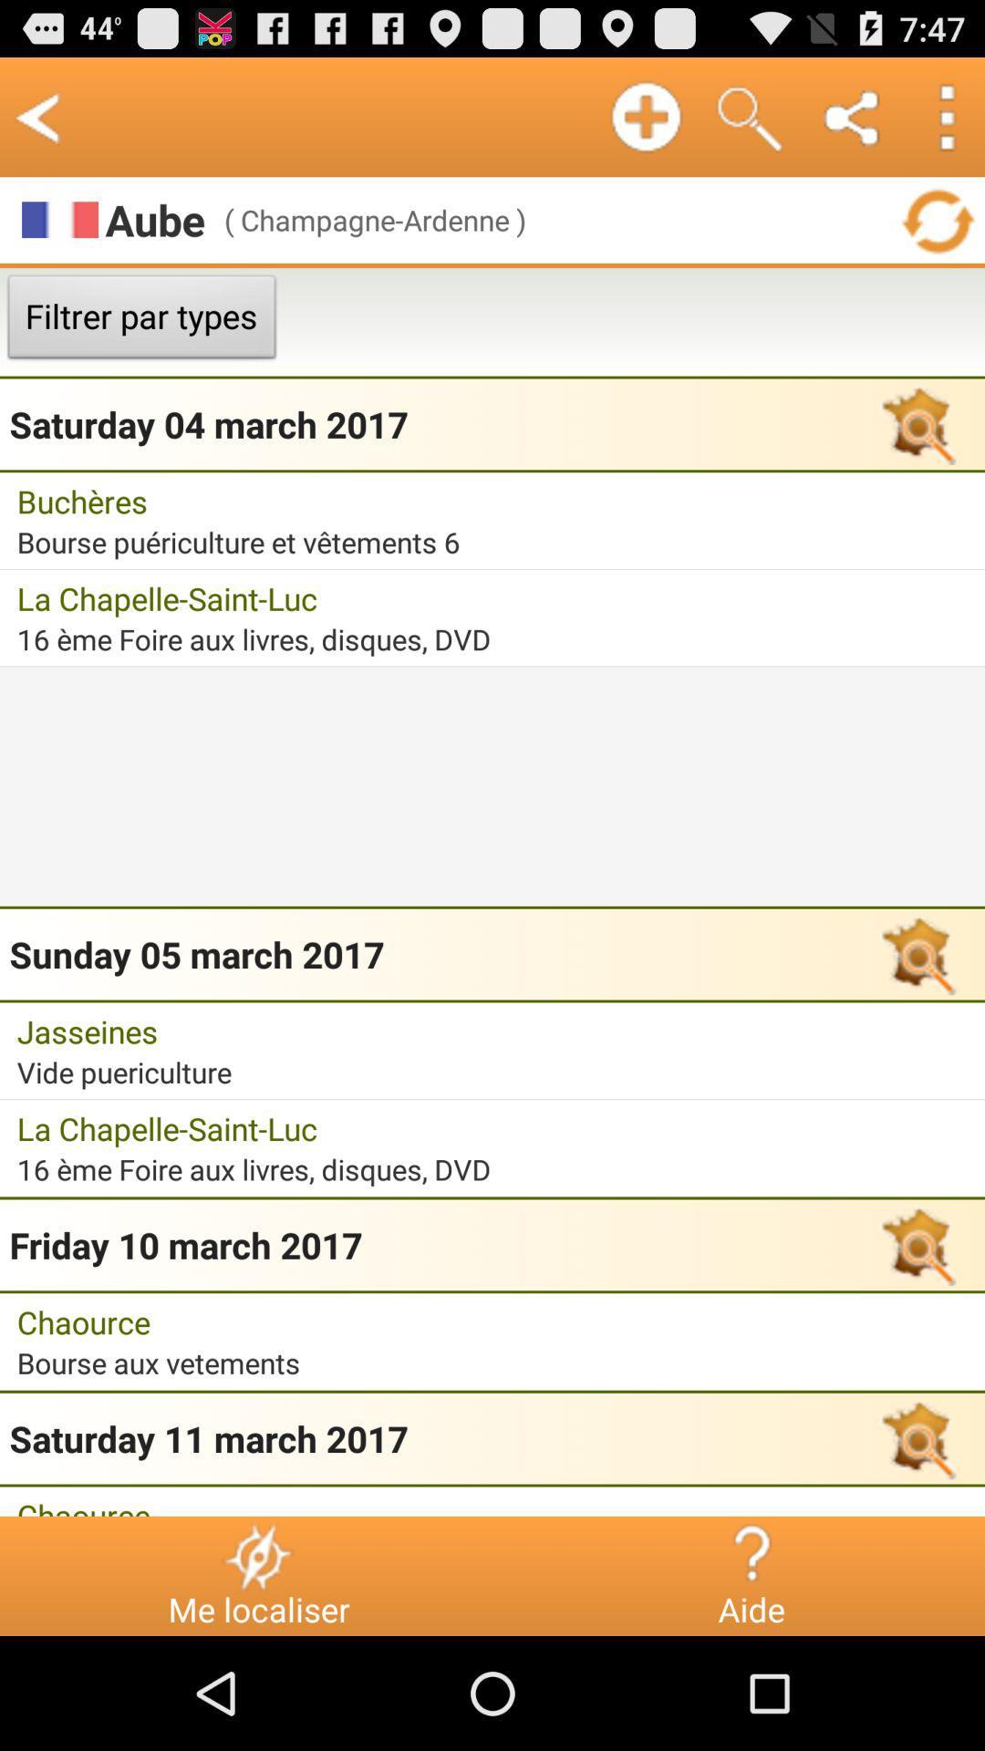 The image size is (985, 1751). I want to click on the icon which is right to the saturday 11 march 2017, so click(915, 1437).